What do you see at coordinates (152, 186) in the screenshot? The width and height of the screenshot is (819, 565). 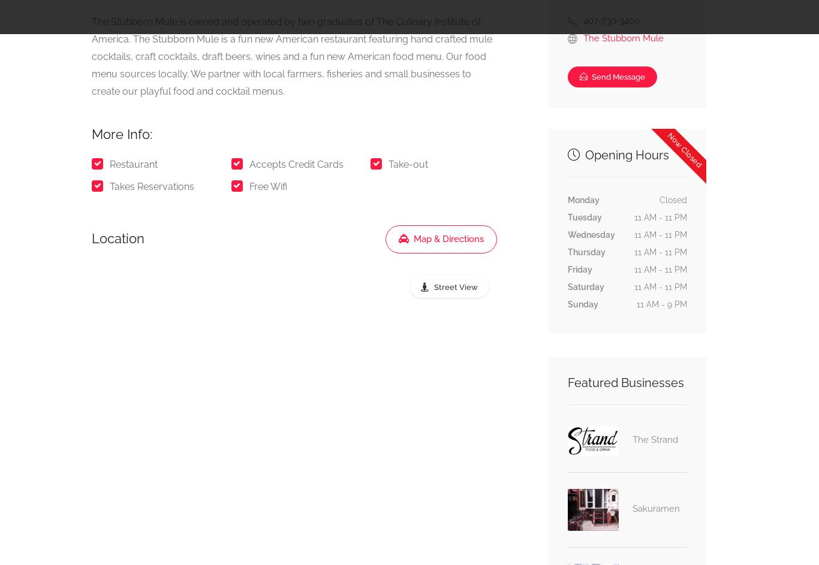 I see `'Takes Reservations'` at bounding box center [152, 186].